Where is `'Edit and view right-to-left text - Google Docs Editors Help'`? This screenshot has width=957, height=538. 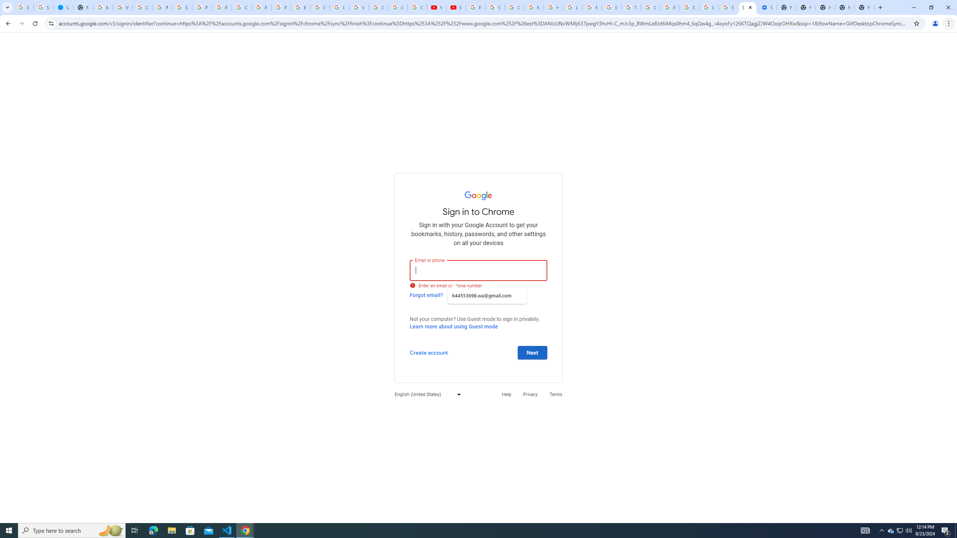 'Edit and view right-to-left text - Google Docs Editors Help' is located at coordinates (300, 7).